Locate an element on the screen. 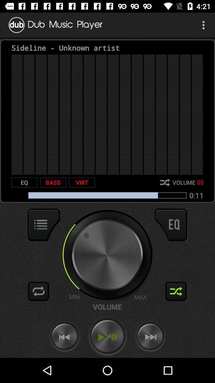  display options is located at coordinates (44, 225).